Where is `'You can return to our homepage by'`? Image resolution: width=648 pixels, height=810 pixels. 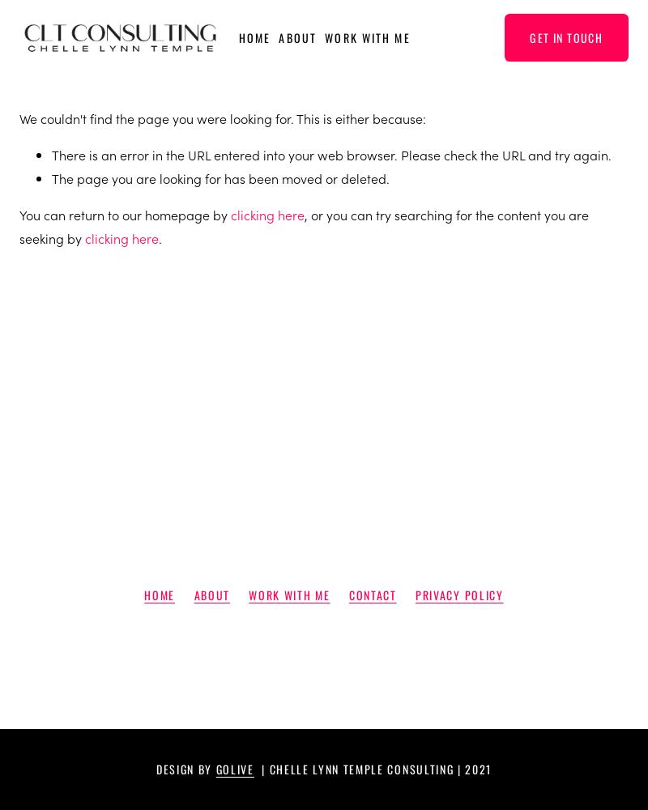 'You can return to our homepage by' is located at coordinates (125, 214).